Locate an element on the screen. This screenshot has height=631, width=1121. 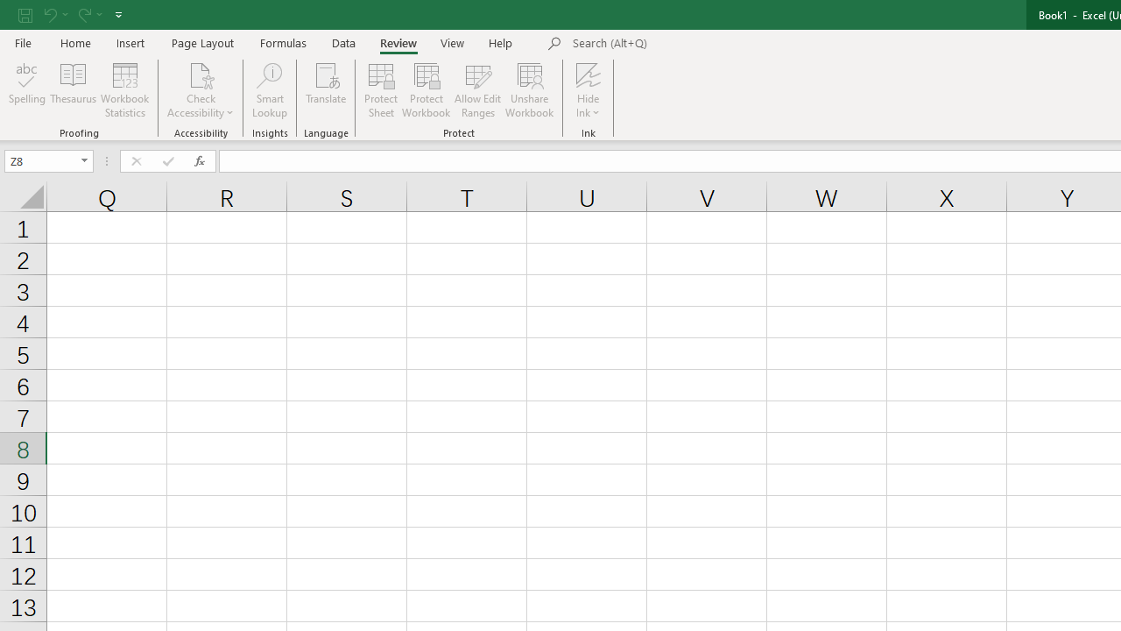
'Workbook Statistics' is located at coordinates (123, 90).